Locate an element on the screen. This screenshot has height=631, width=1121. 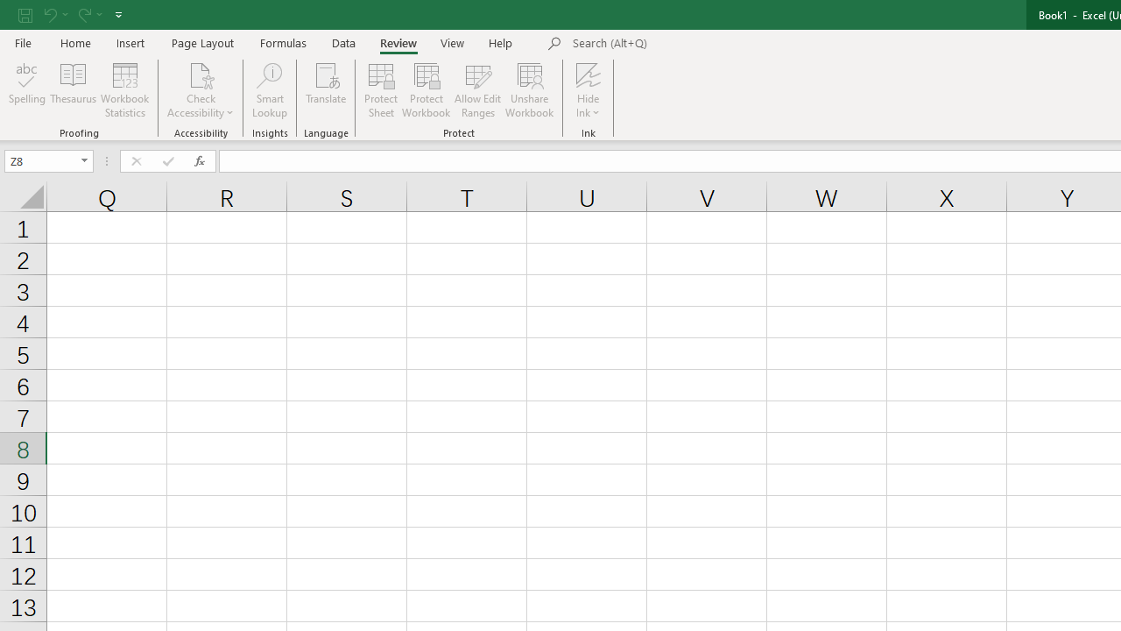
'Workbook Statistics' is located at coordinates (123, 90).